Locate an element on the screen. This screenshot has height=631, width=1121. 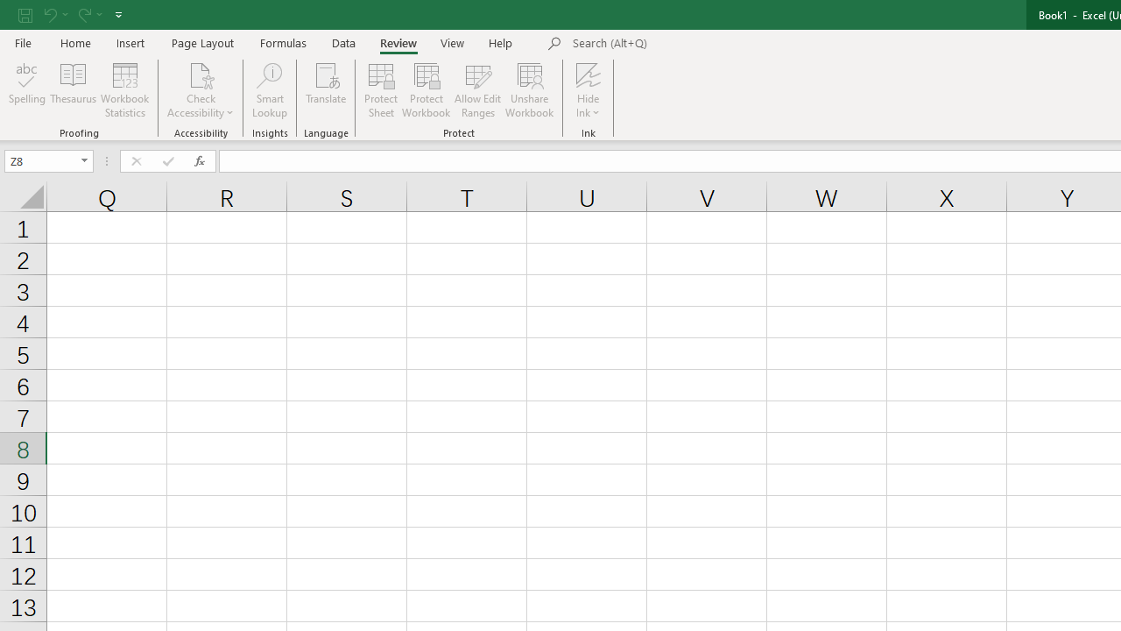
'Workbook Statistics' is located at coordinates (123, 90).